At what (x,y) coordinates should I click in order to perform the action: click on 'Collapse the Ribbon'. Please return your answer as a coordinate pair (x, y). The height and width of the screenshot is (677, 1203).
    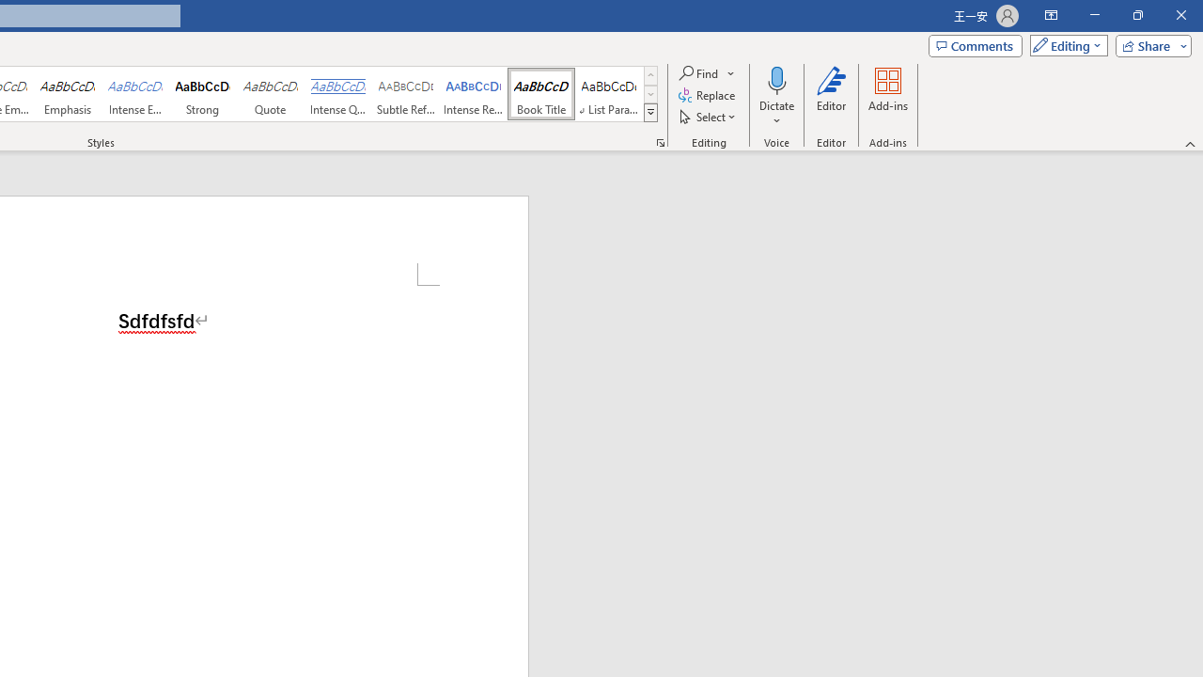
    Looking at the image, I should click on (1190, 143).